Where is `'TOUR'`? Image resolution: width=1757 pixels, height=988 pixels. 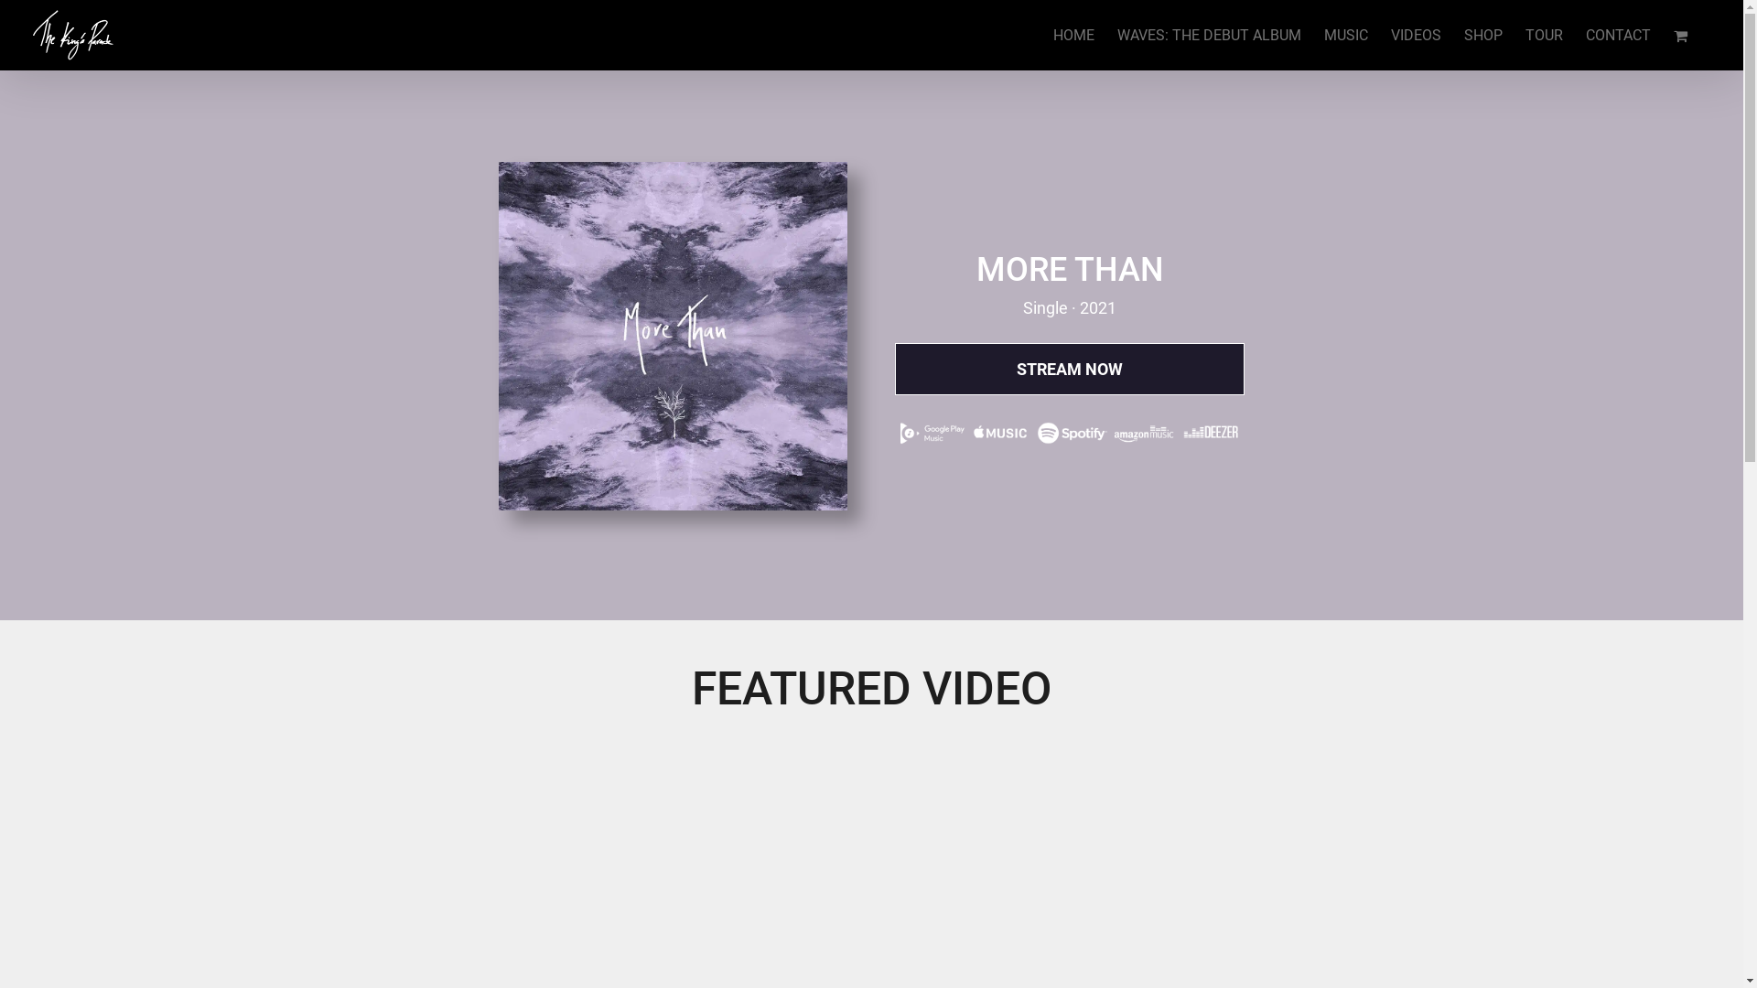
'TOUR' is located at coordinates (1525, 35).